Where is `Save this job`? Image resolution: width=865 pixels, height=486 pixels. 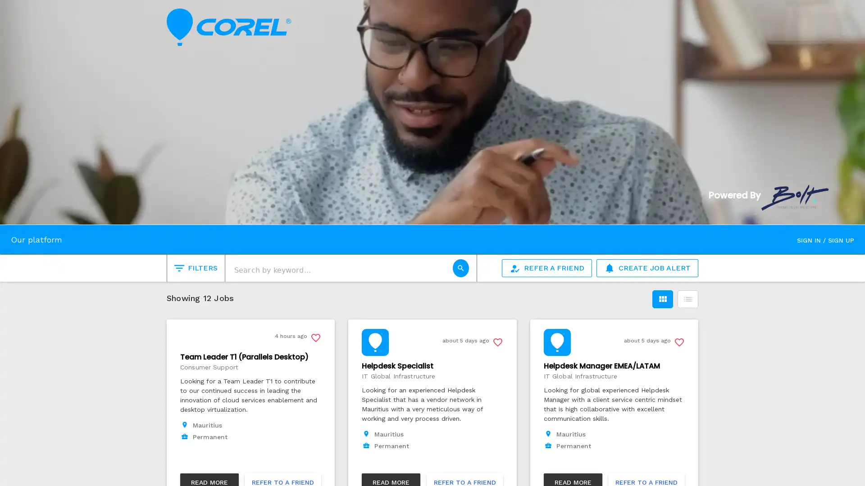 Save this job is located at coordinates (499, 342).